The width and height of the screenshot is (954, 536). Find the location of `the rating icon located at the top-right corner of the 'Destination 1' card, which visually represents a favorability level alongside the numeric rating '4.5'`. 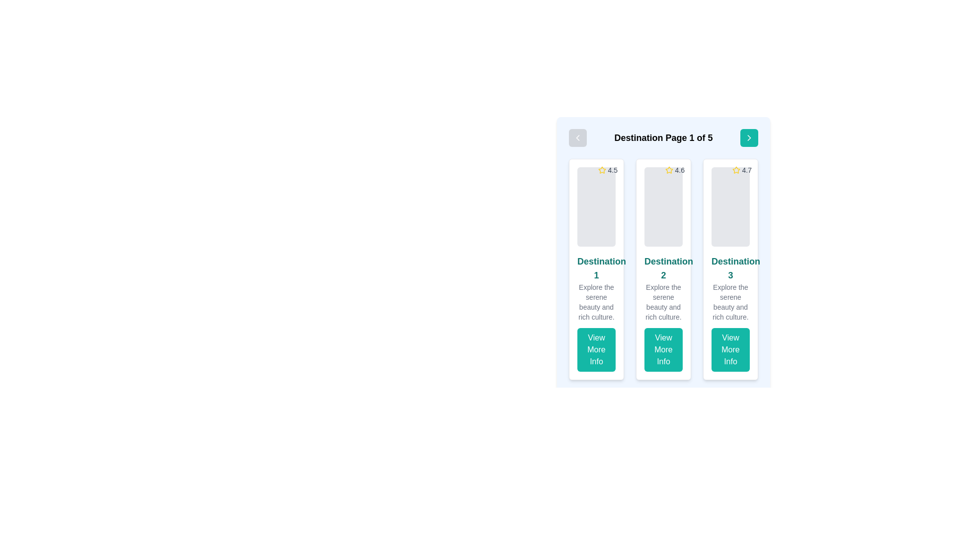

the rating icon located at the top-right corner of the 'Destination 1' card, which visually represents a favorability level alongside the numeric rating '4.5' is located at coordinates (601, 170).